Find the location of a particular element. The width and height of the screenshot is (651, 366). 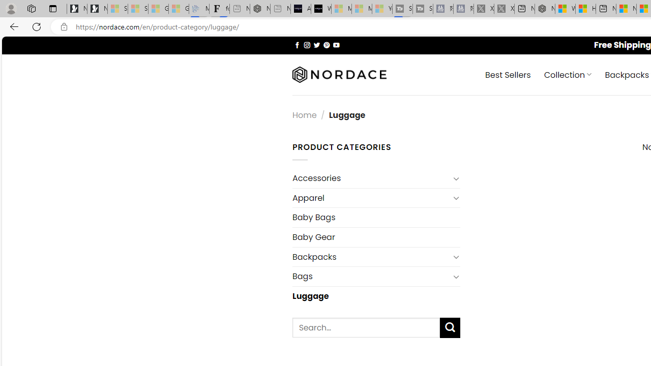

'Follow on Instagram' is located at coordinates (306, 44).